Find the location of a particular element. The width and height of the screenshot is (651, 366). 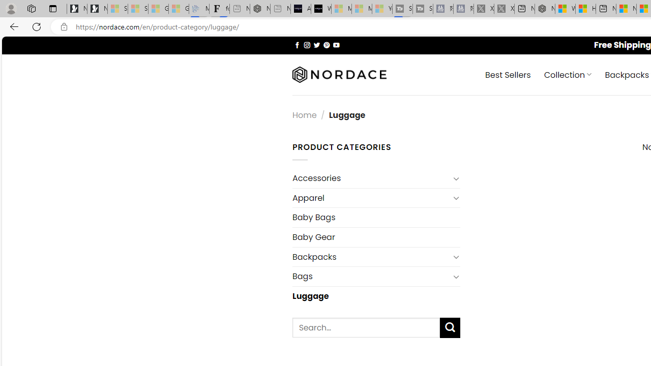

'Follow on Instagram' is located at coordinates (306, 44).